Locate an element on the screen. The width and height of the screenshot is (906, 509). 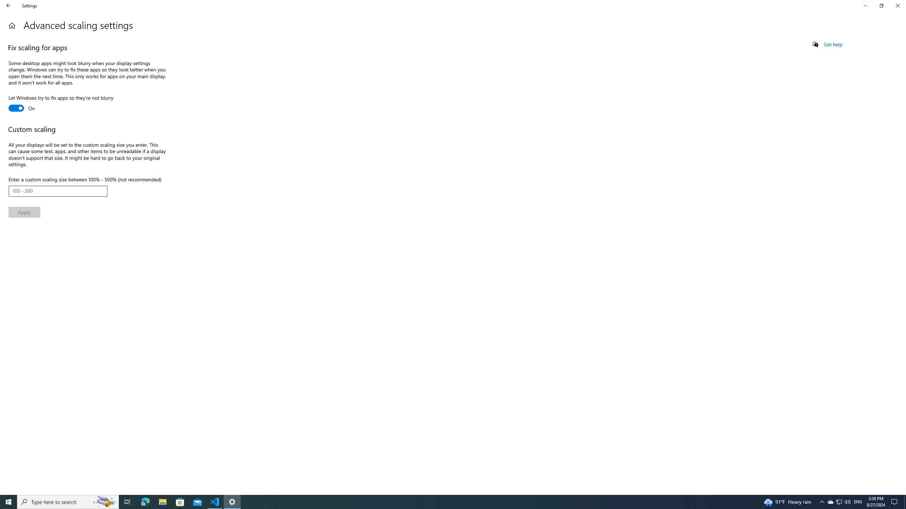
'Show desktop' is located at coordinates (905, 501).